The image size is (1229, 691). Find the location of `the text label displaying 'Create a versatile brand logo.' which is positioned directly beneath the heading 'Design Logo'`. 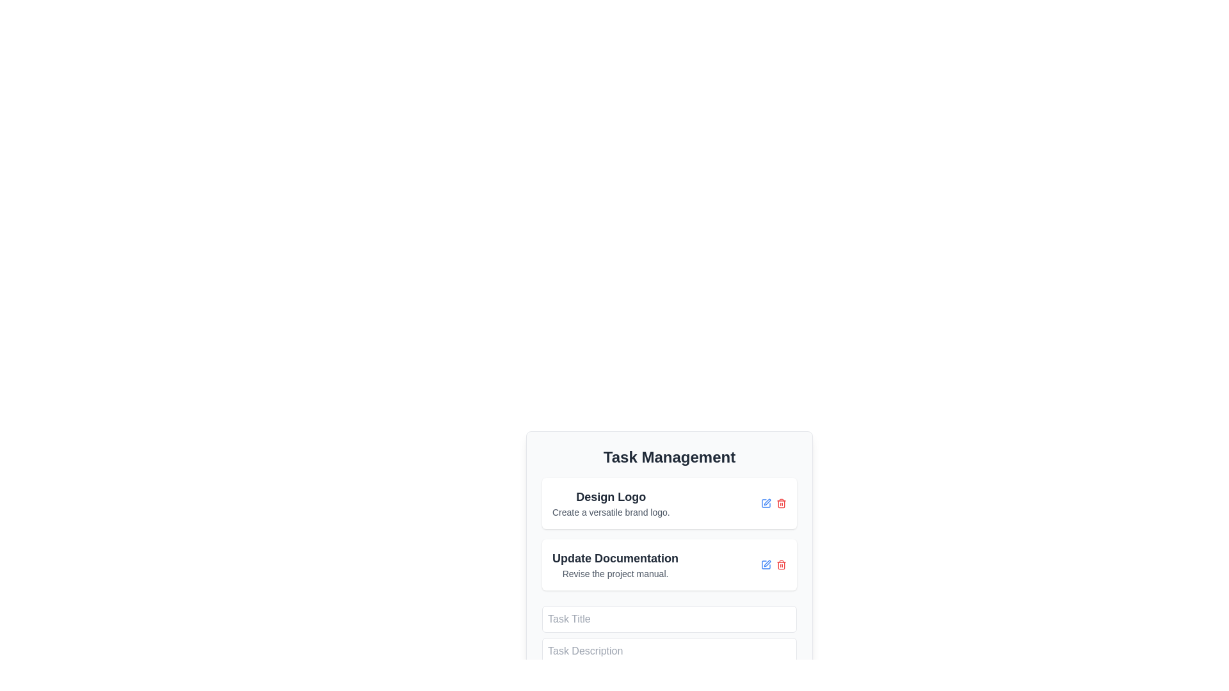

the text label displaying 'Create a versatile brand logo.' which is positioned directly beneath the heading 'Design Logo' is located at coordinates (610, 512).